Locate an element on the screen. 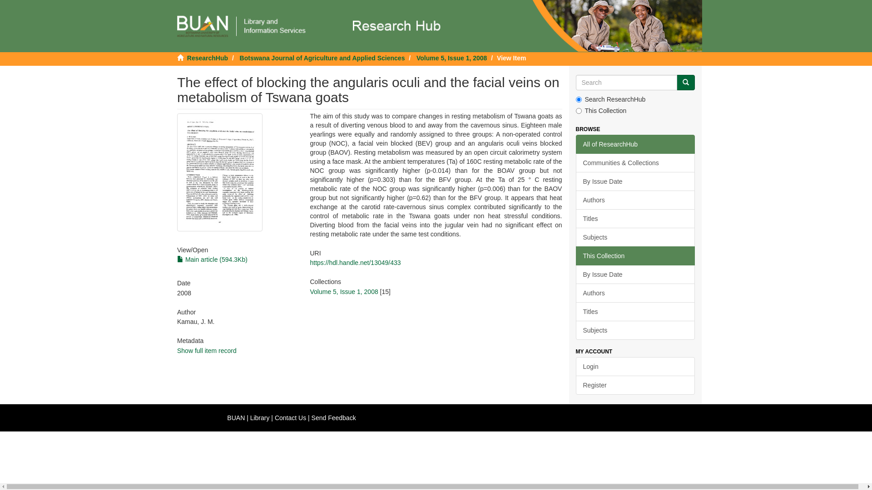 Image resolution: width=872 pixels, height=490 pixels. 'Library' is located at coordinates (259, 418).